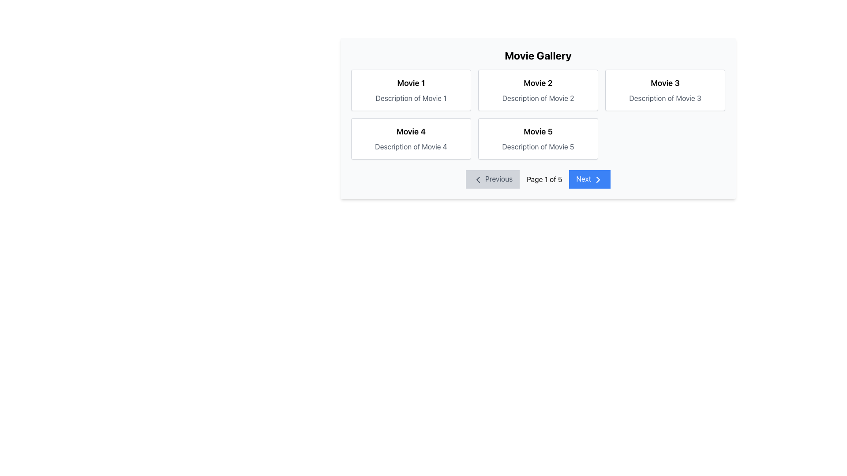 This screenshot has height=476, width=847. Describe the element at coordinates (537, 56) in the screenshot. I see `the bold, centered title text labeled 'Movie Gallery' located at the top center of the movie gallery interface` at that location.